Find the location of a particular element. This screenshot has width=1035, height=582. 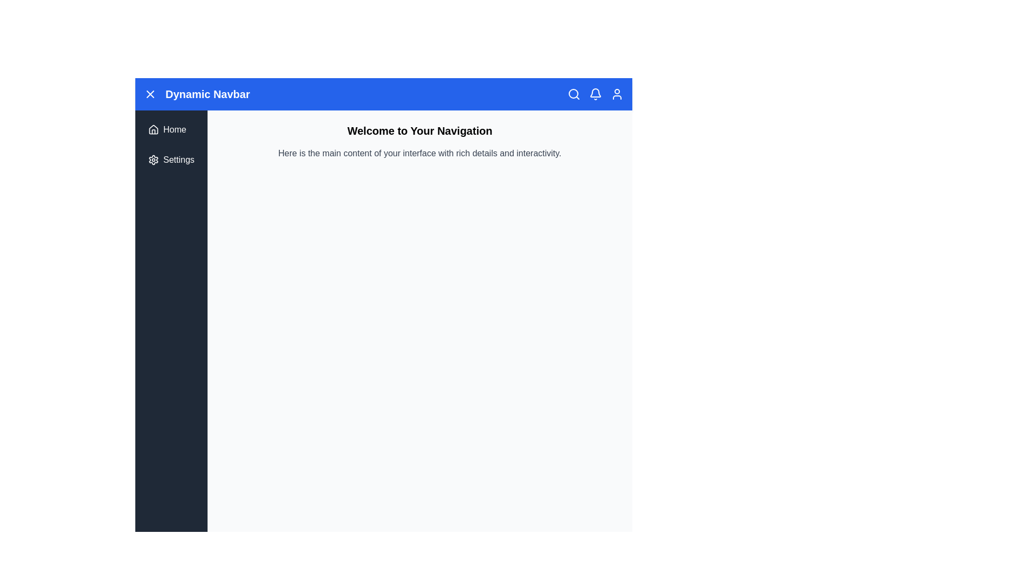

the 'Home' icon in the sidebar navigation menu is located at coordinates (153, 128).